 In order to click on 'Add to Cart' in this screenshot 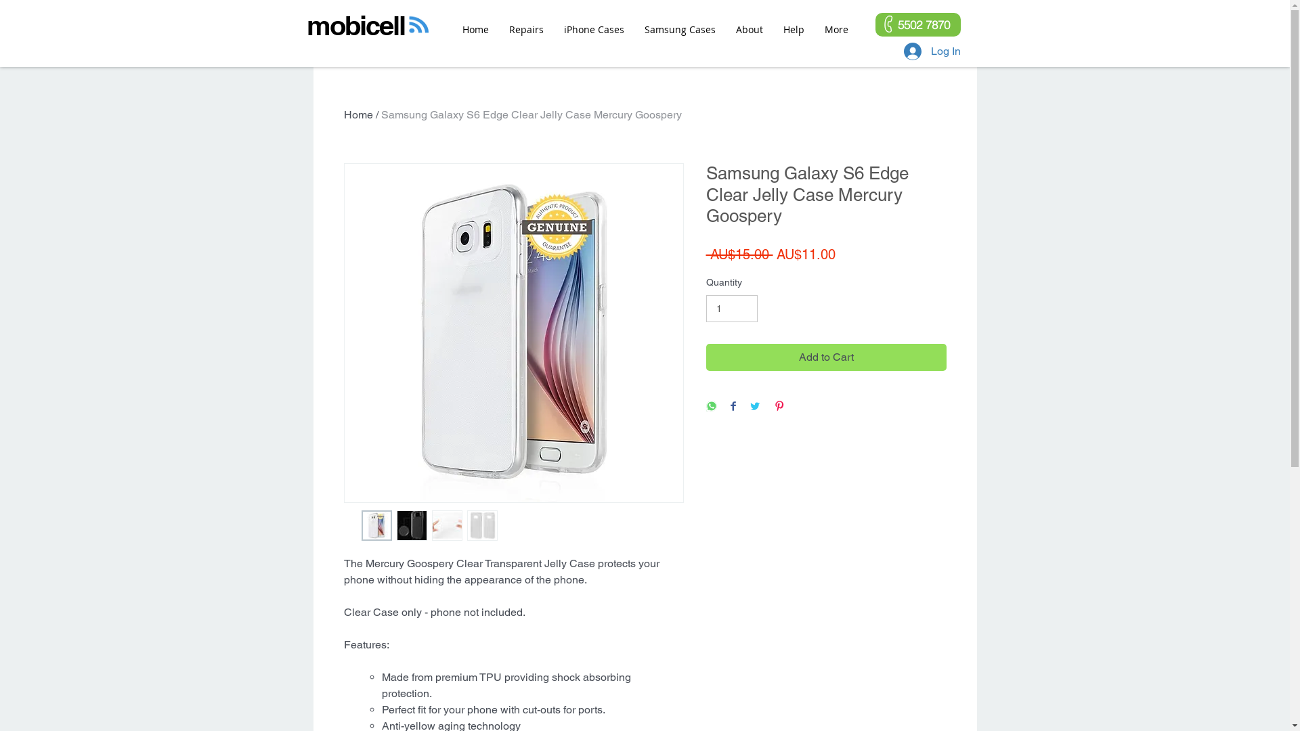, I will do `click(825, 357)`.